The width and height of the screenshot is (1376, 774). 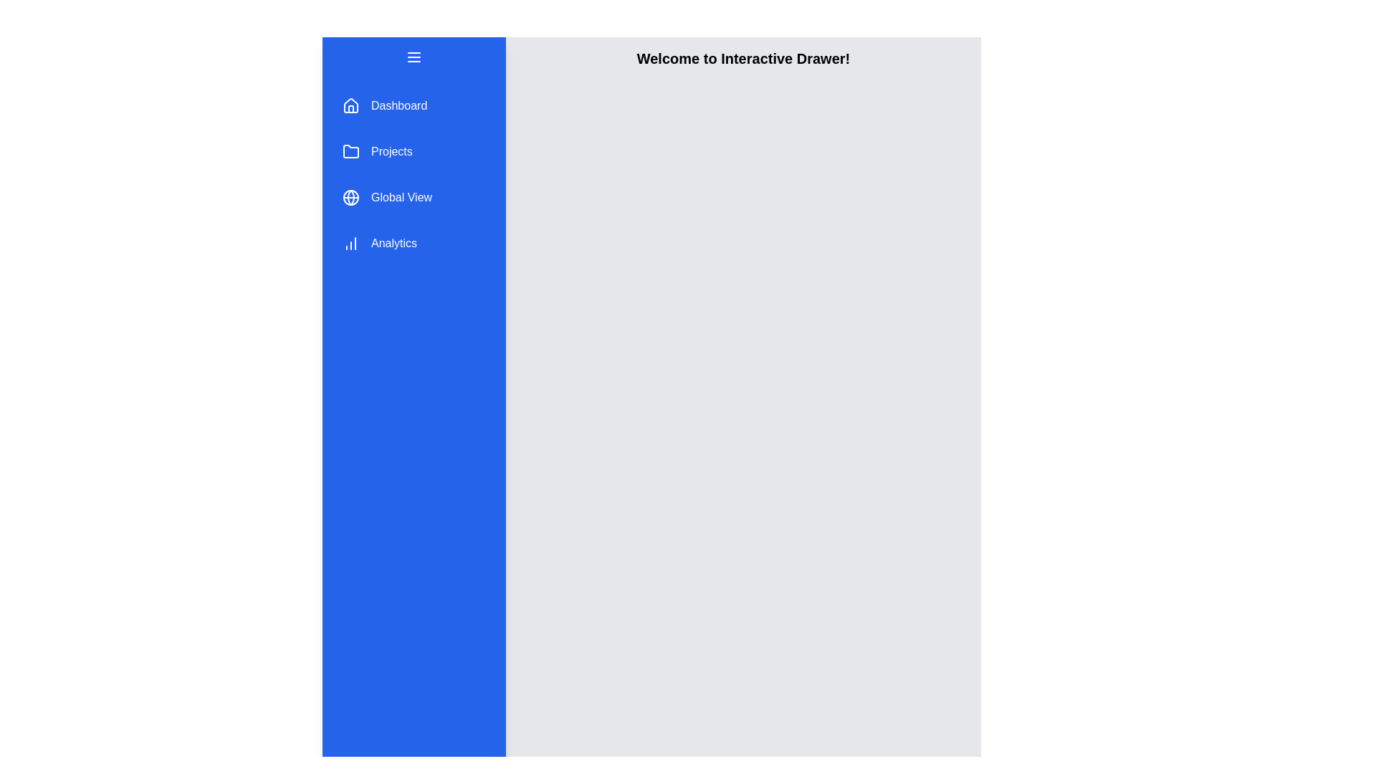 What do you see at coordinates (413, 242) in the screenshot?
I see `the menu item Analytics to observe its hover effect` at bounding box center [413, 242].